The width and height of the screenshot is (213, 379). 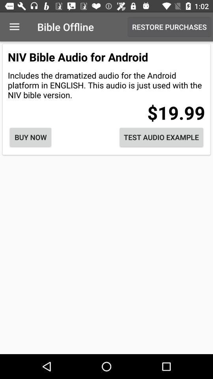 What do you see at coordinates (169, 27) in the screenshot?
I see `item next to the bible offline item` at bounding box center [169, 27].